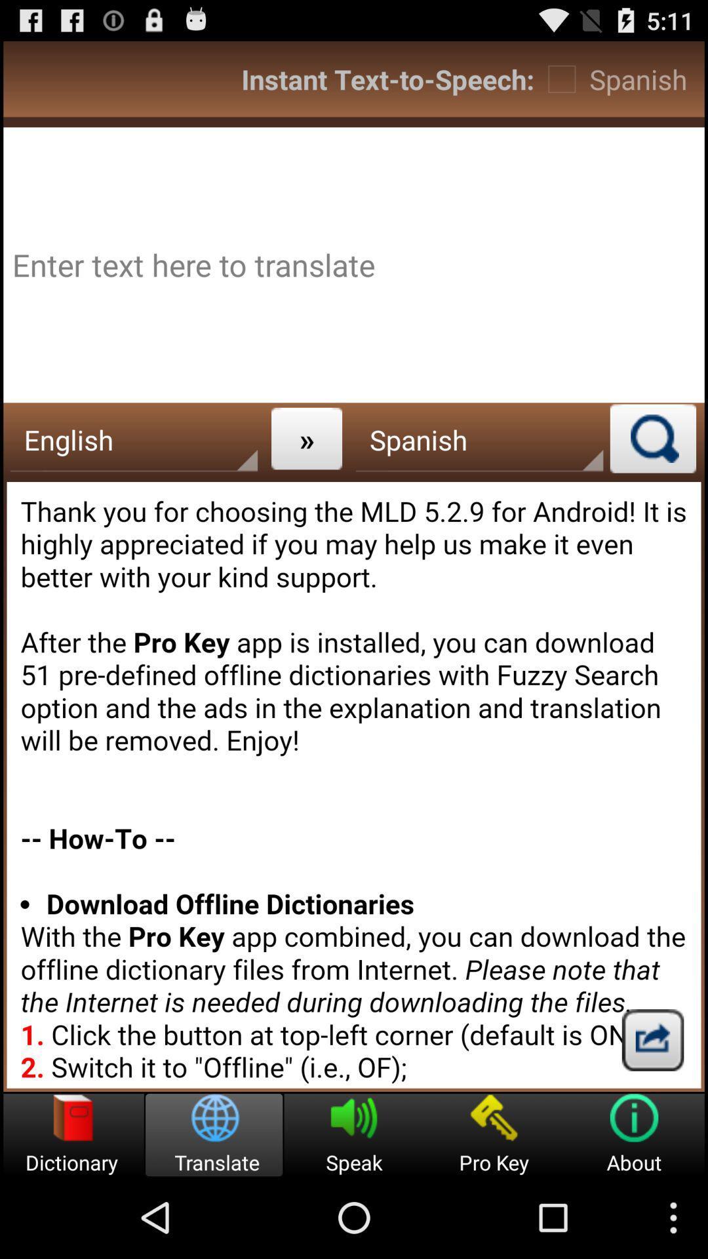 The width and height of the screenshot is (708, 1259). Describe the element at coordinates (653, 438) in the screenshot. I see `search bar` at that location.